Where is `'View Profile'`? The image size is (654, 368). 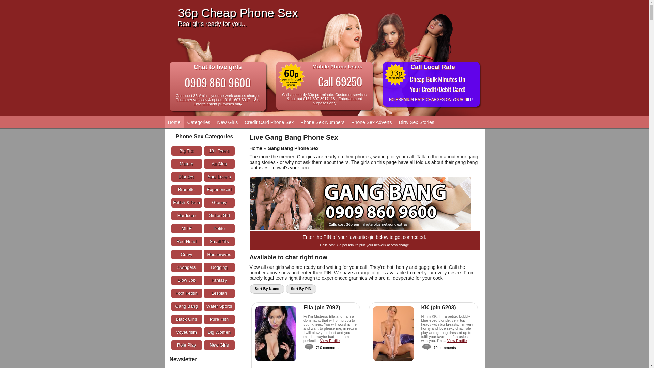 'View Profile' is located at coordinates (330, 340).